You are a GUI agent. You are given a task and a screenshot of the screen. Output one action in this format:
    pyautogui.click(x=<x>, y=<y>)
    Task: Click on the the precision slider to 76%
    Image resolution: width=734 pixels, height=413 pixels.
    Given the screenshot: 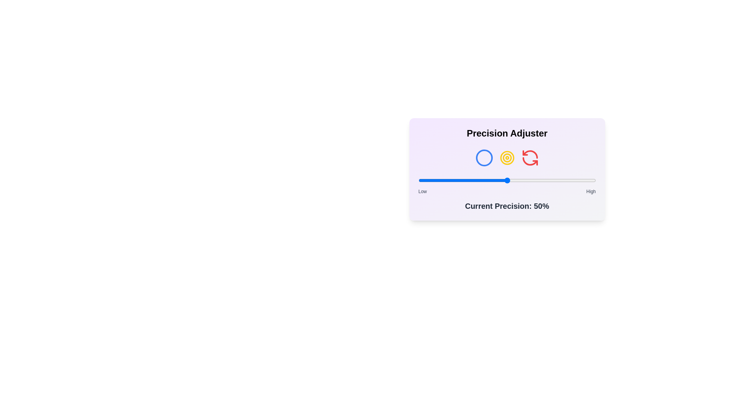 What is the action you would take?
    pyautogui.click(x=553, y=180)
    